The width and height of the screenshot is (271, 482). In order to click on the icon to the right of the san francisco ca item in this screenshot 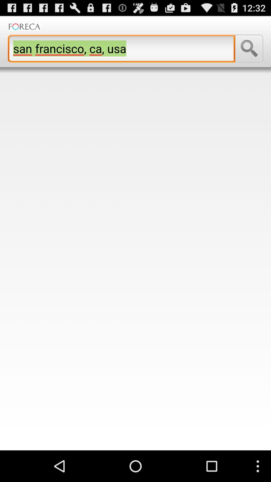, I will do `click(249, 48)`.